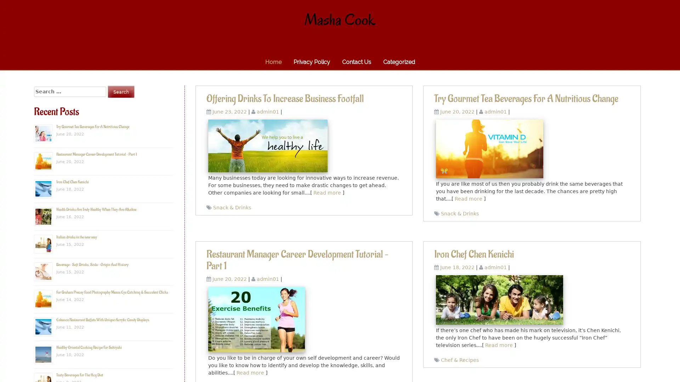 This screenshot has height=382, width=680. What do you see at coordinates (121, 91) in the screenshot?
I see `Search` at bounding box center [121, 91].